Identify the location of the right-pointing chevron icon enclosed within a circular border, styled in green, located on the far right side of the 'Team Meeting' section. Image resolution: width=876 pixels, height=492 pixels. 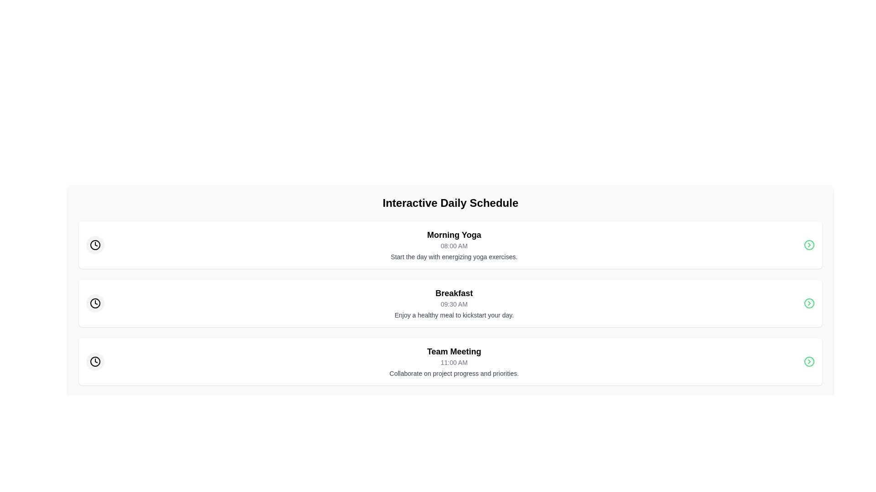
(809, 361).